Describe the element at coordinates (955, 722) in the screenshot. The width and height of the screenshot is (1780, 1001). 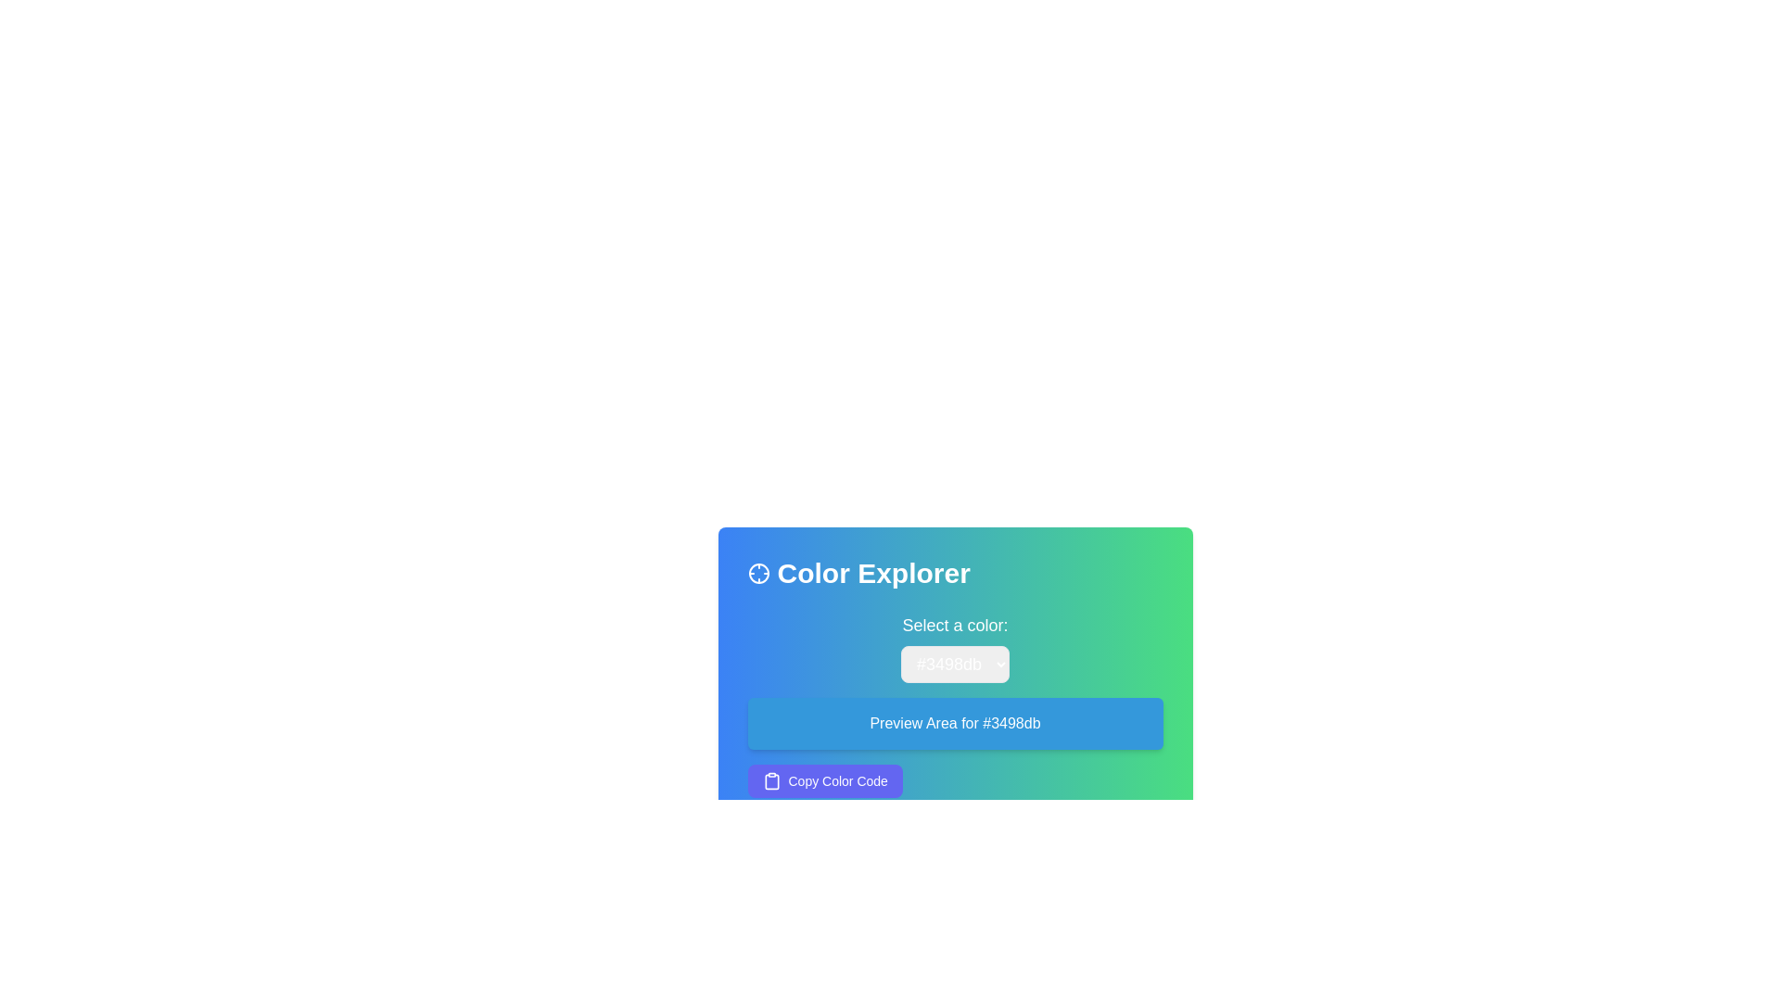
I see `the Preview Panel that displays the color associated with the code #3498db, located below the color picker input box and above the 'Copy Color Code' button` at that location.